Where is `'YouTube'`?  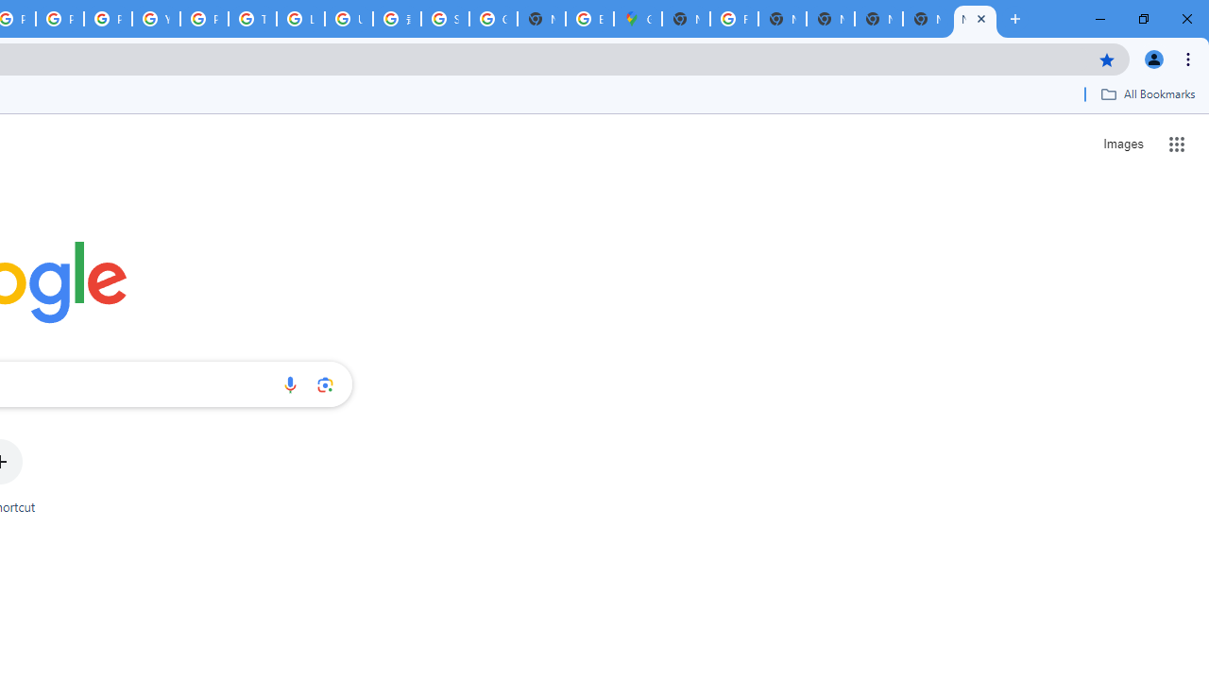
'YouTube' is located at coordinates (156, 19).